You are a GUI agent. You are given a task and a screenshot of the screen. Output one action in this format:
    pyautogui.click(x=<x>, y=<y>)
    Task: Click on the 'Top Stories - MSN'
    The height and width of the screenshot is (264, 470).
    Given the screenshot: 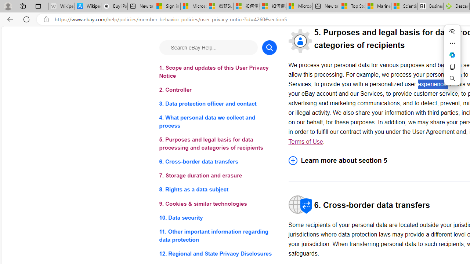 What is the action you would take?
    pyautogui.click(x=352, y=6)
    